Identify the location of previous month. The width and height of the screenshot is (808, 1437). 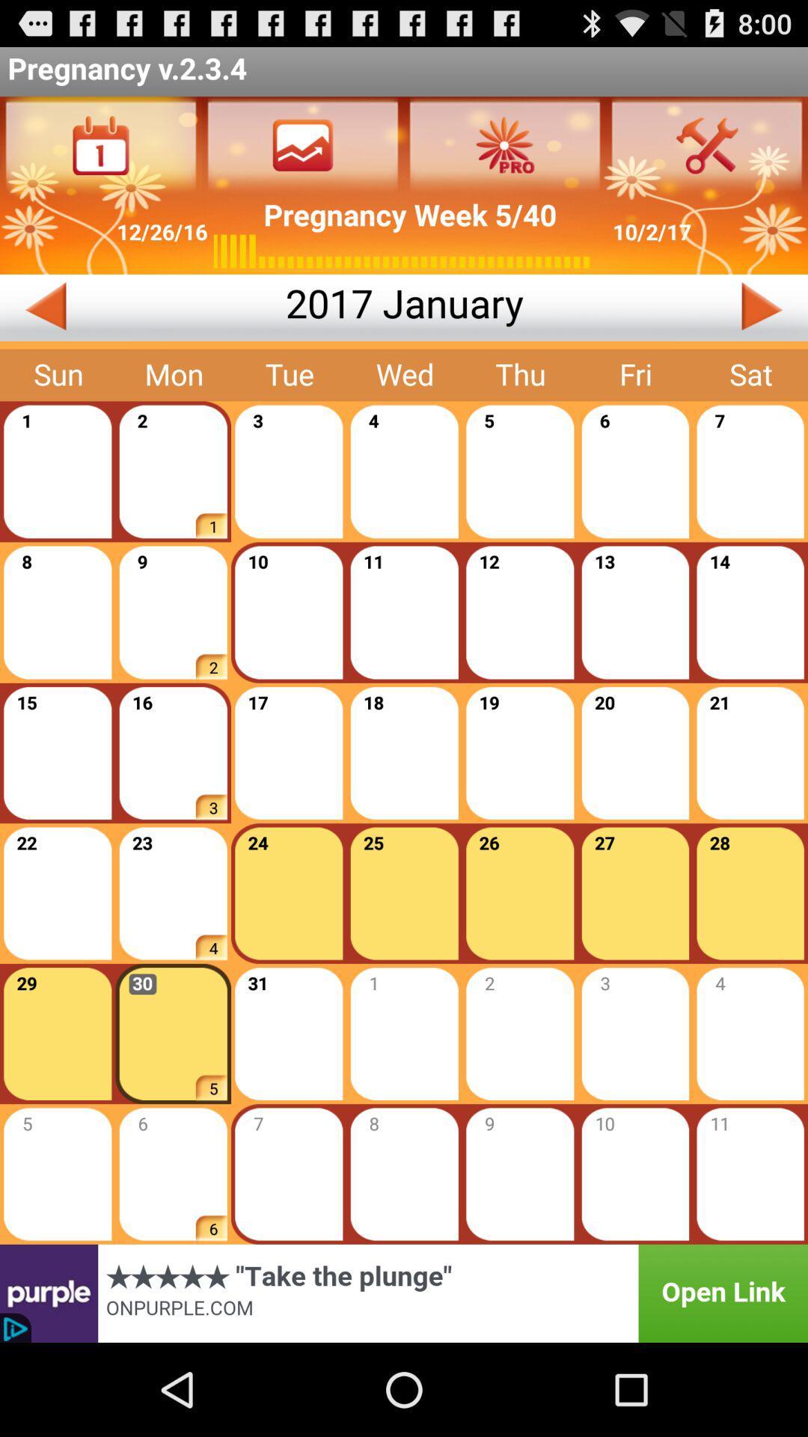
(142, 307).